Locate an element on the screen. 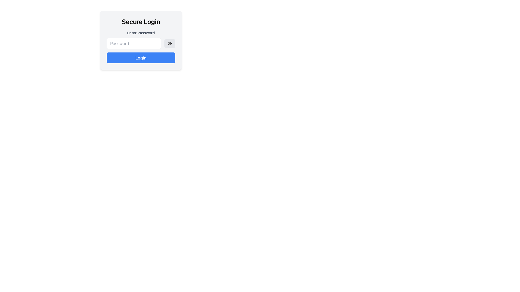 This screenshot has width=520, height=292. the 'Secure Login' text header, which is styled in bold and larger font, positioned at the top-center of the form-like structure is located at coordinates (141, 21).